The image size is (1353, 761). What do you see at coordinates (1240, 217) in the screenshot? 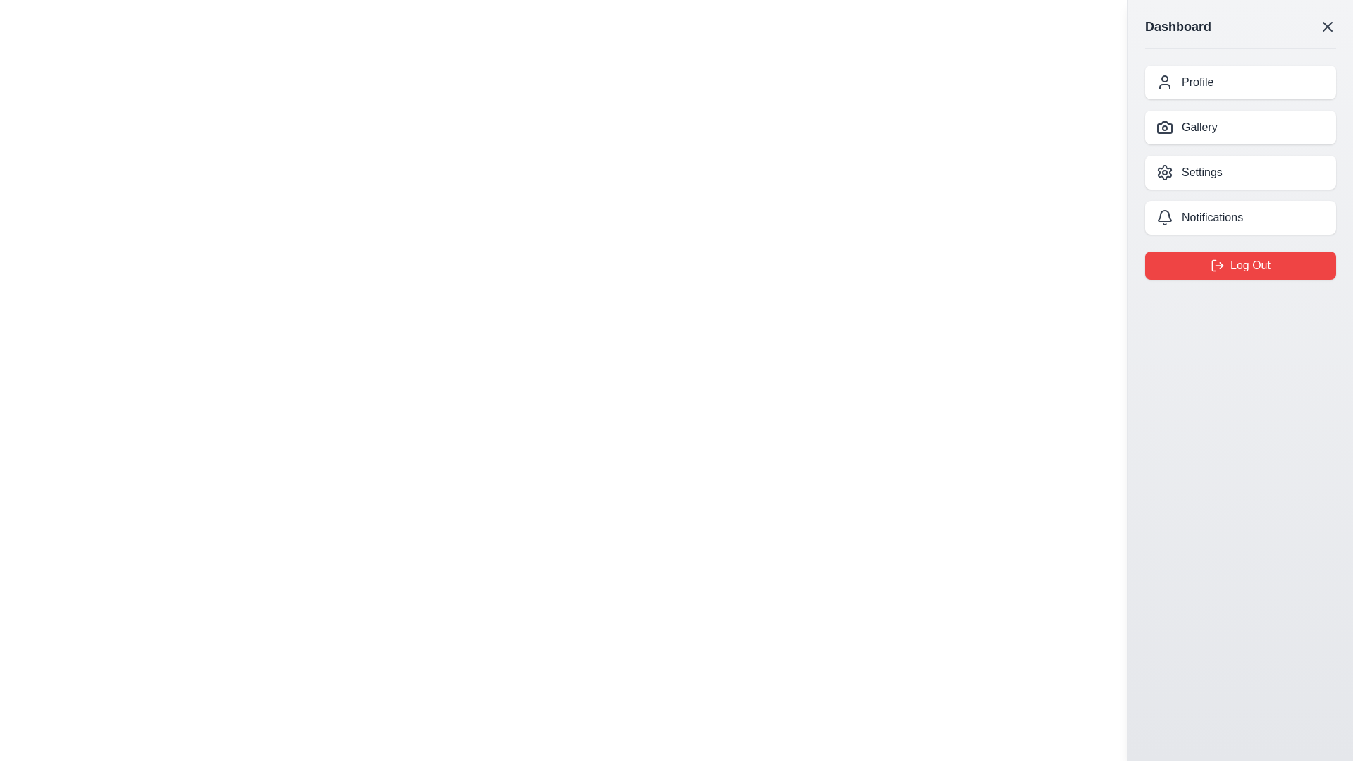
I see `the Notifications button, which features a bell icon on the left and gray text labeled 'Notifications', located in the right sidebar below the Settings button` at bounding box center [1240, 217].